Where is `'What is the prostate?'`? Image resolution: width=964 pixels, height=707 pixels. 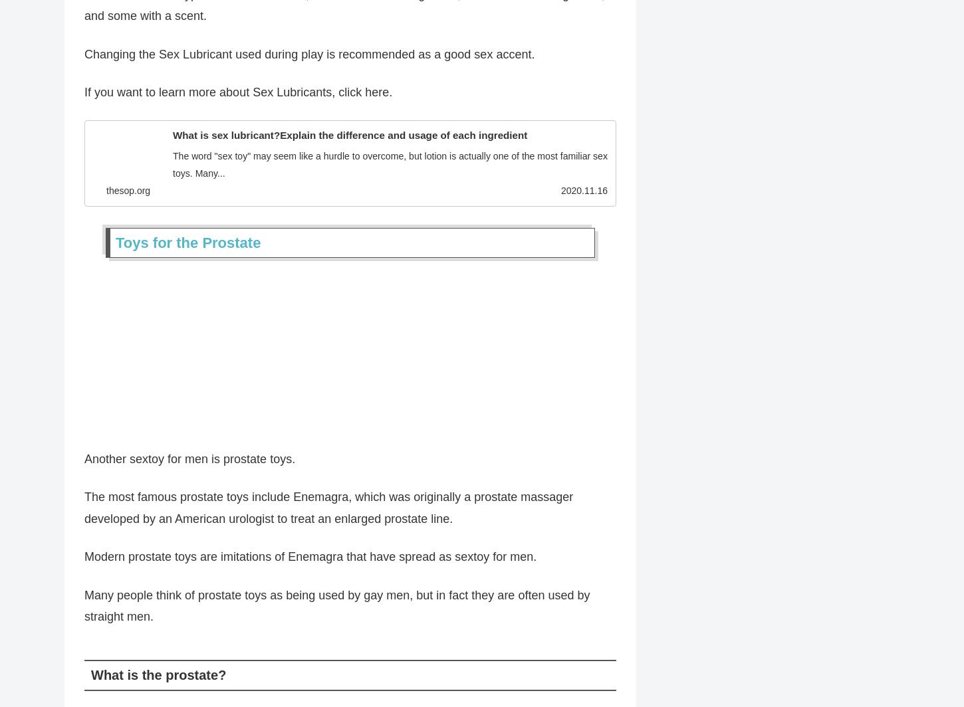 'What is the prostate?' is located at coordinates (90, 678).